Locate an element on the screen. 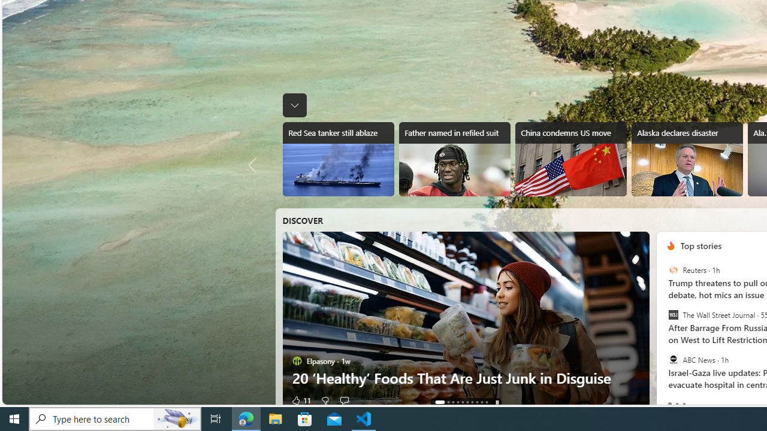 The image size is (767, 431). 'The Wall Street Journal' is located at coordinates (673, 314).